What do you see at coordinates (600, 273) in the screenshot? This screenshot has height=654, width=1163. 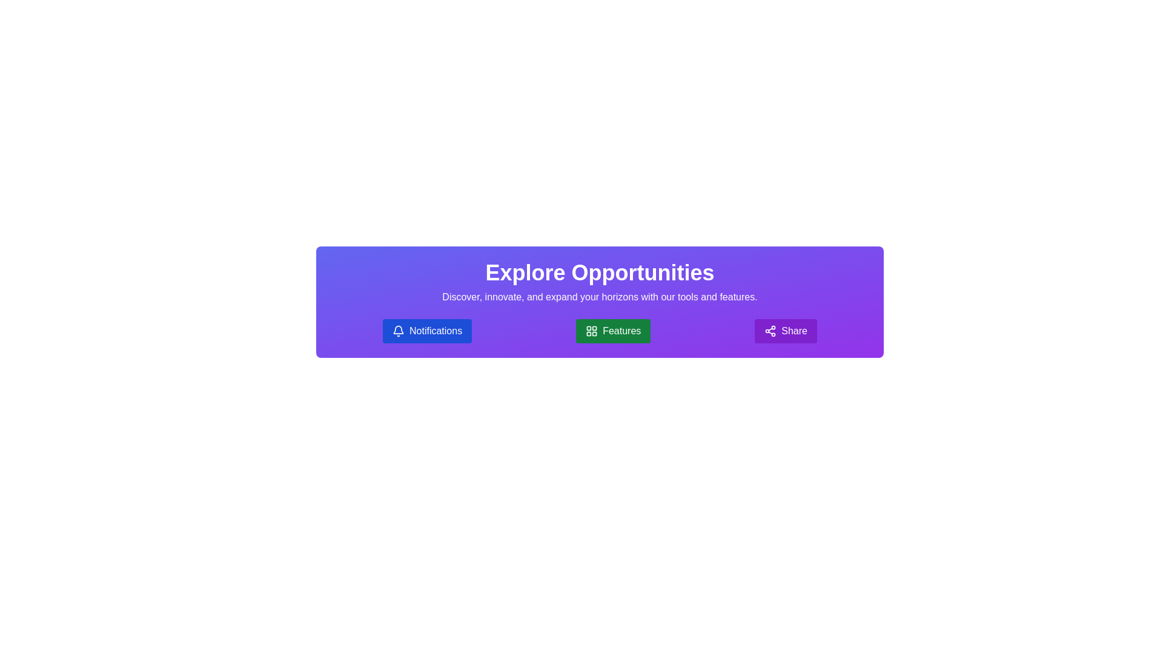 I see `the Text header element that displays 'Explore Opportunities', which is centered at the top of the highlighted section on a purple gradient background` at bounding box center [600, 273].